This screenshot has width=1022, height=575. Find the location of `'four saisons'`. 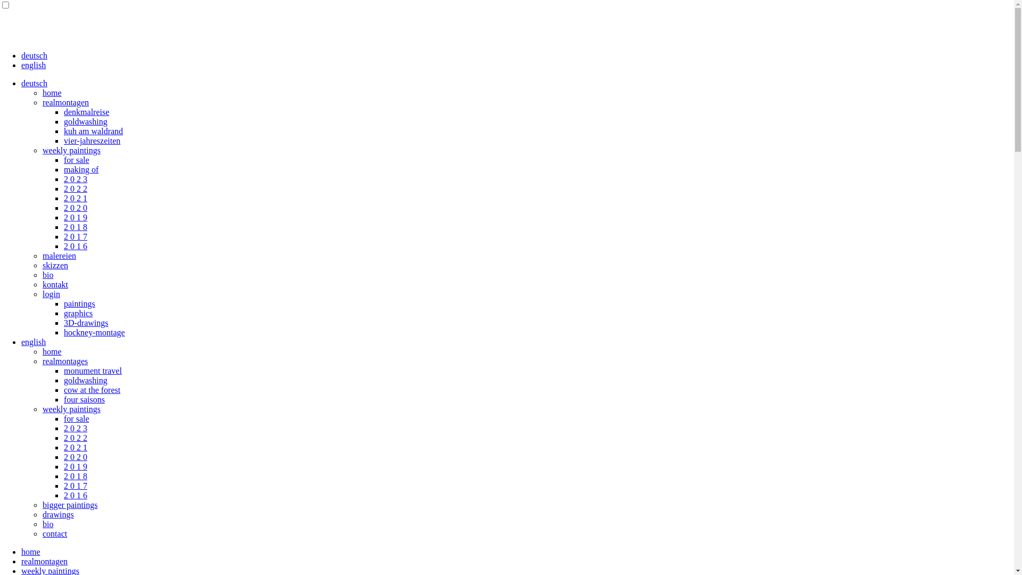

'four saisons' is located at coordinates (84, 399).